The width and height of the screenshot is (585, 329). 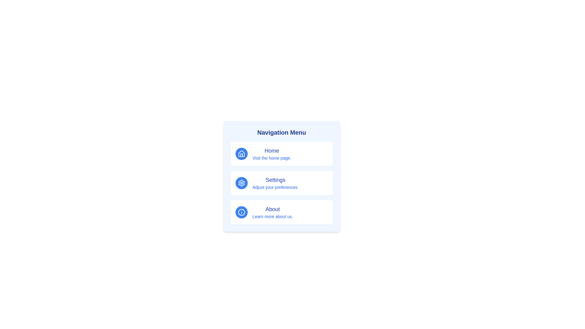 I want to click on the 'Home' text label, which serves as a title or identifier for the homepage section in the navigation menu, so click(x=271, y=150).